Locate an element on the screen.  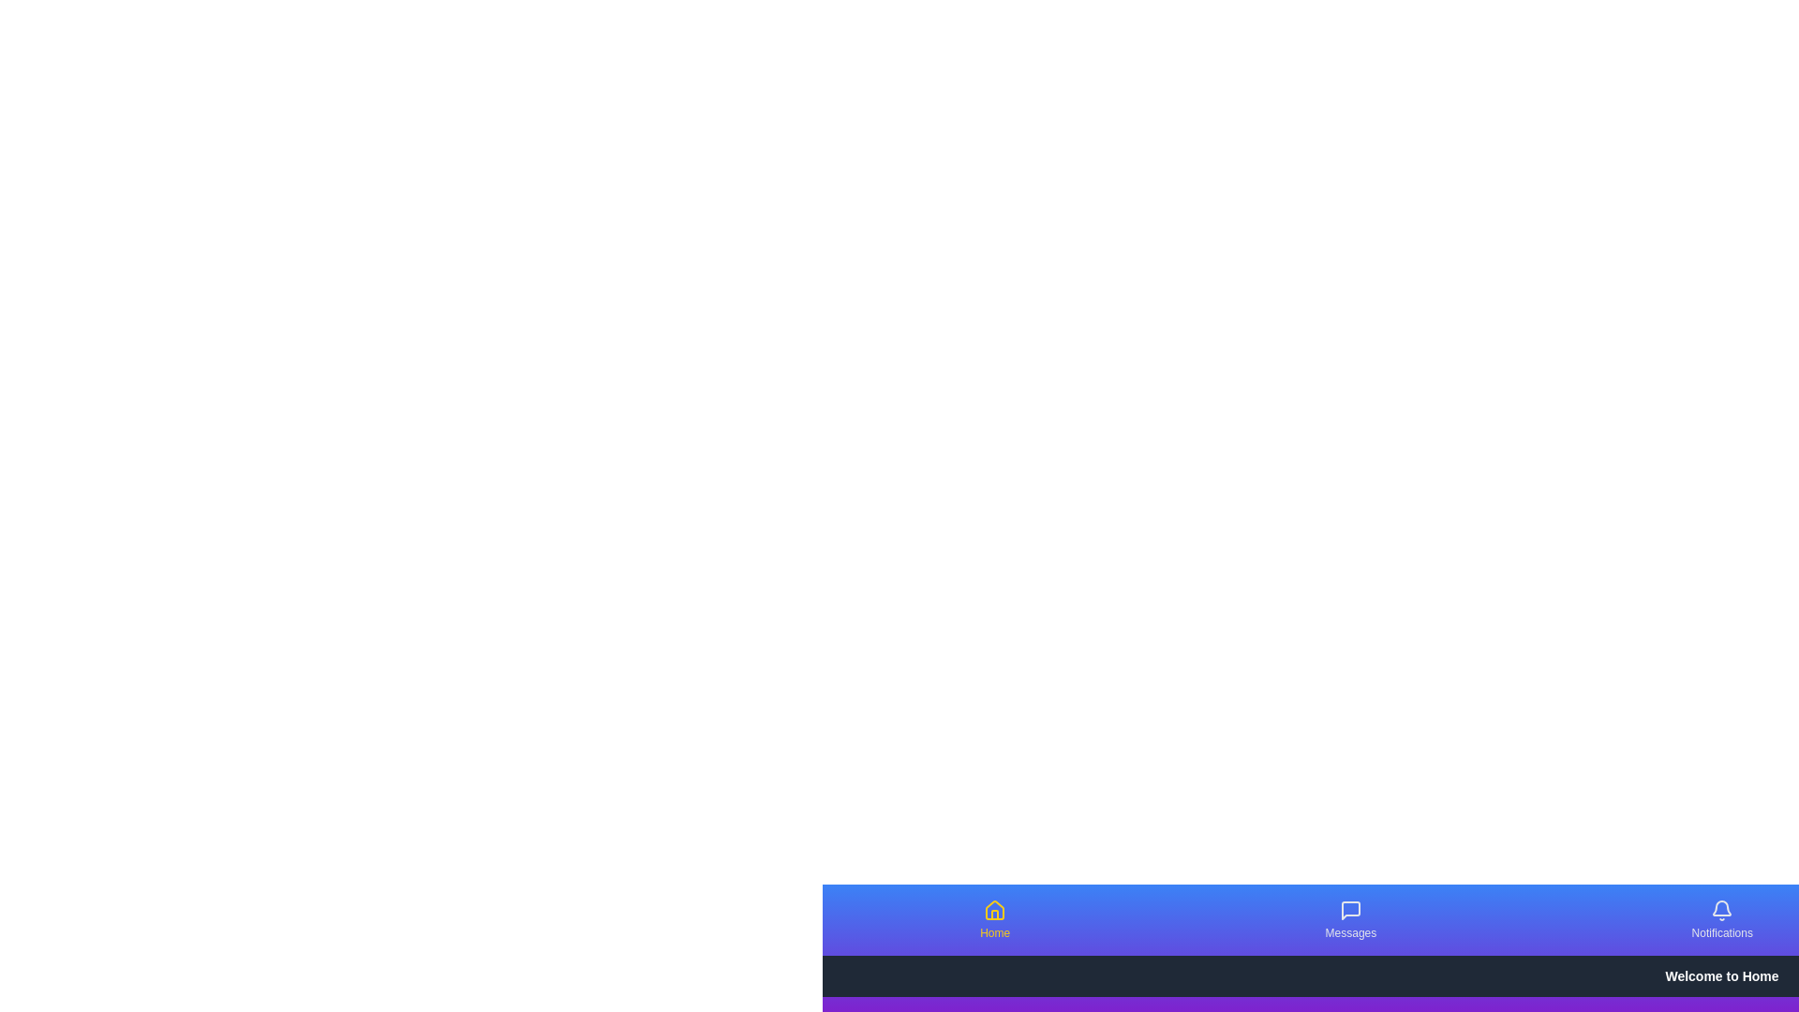
the Notifications tab in the navigation bar is located at coordinates (1722, 919).